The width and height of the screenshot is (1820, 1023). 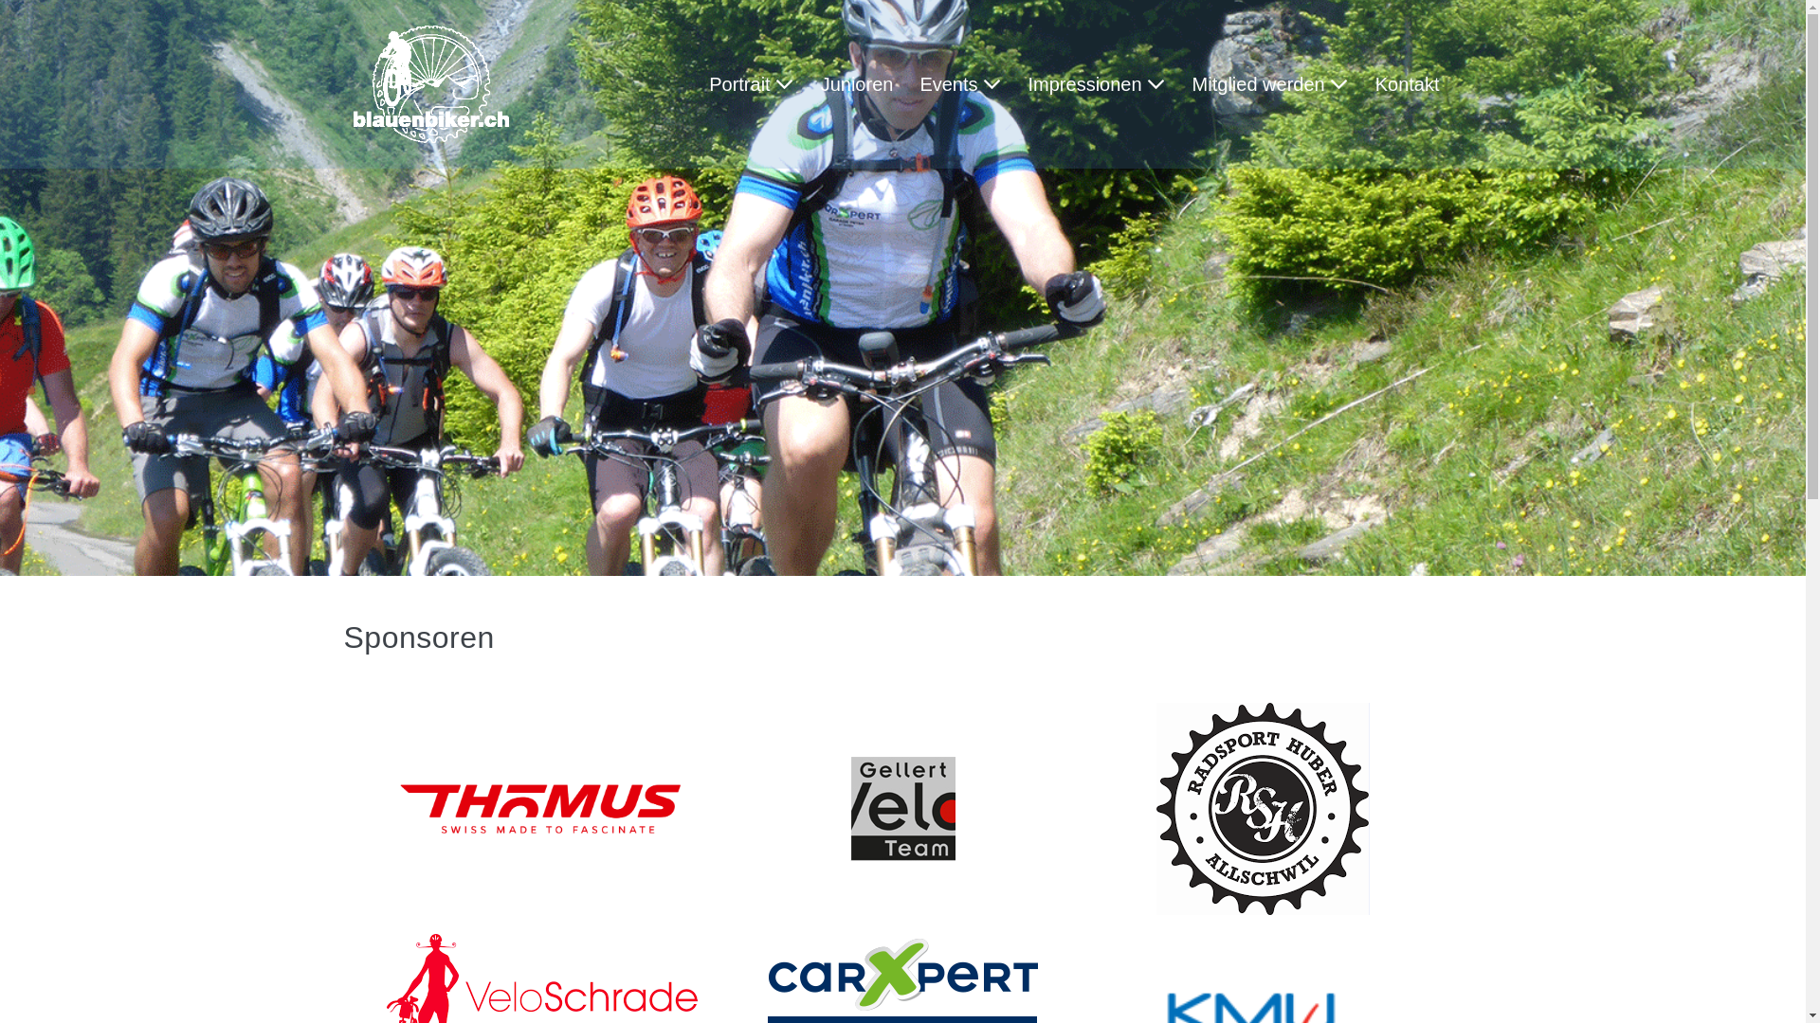 What do you see at coordinates (429, 82) in the screenshot?
I see `'Update Blauenbiker'` at bounding box center [429, 82].